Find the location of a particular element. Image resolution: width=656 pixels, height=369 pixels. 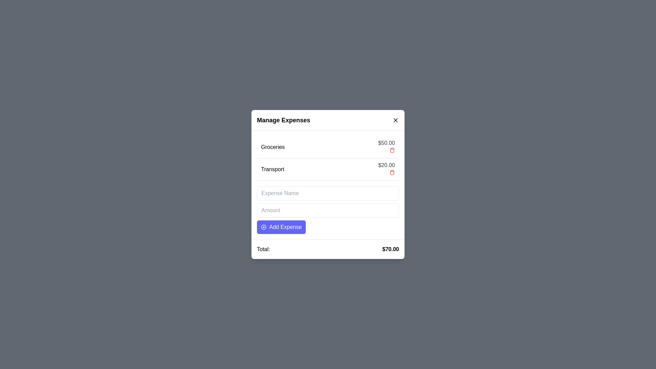

the 'Add Expense' button, which features a circular icon with a solid outline and a cross shape inside, located near the lower left corner of the button is located at coordinates (263, 227).